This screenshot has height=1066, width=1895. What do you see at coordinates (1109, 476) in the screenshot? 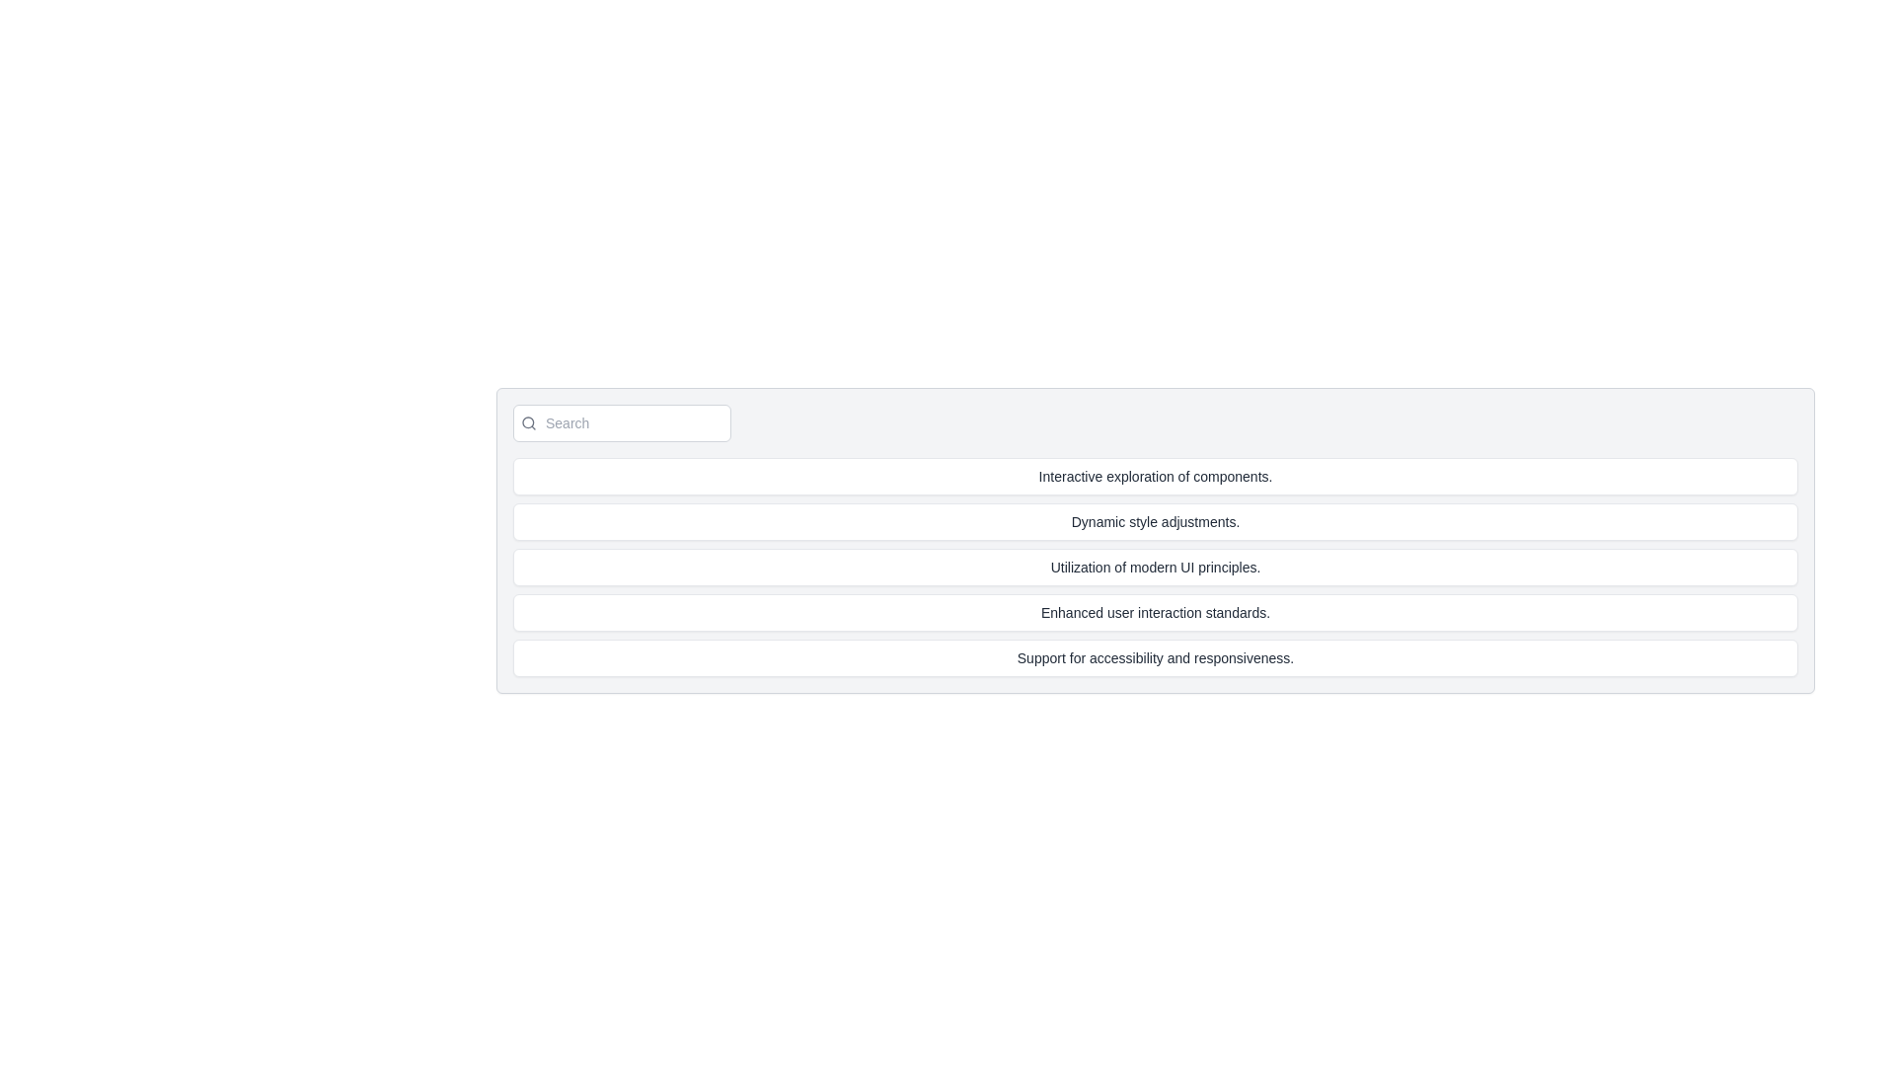
I see `the 27th letter in the text 'Interactive exploration of components.' which is part of an informational text display located at the top of the interface` at bounding box center [1109, 476].